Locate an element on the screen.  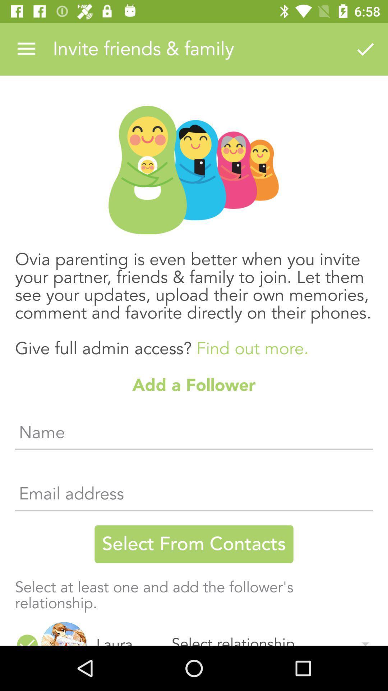
the item below add a follower item is located at coordinates (194, 435).